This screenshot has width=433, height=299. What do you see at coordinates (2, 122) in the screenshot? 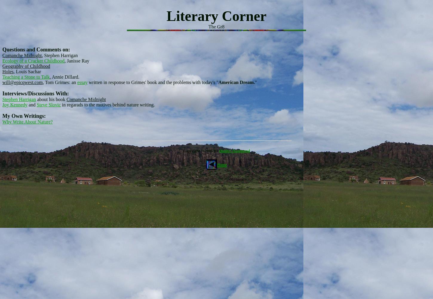
I see `'Why Write About Nature?'` at bounding box center [2, 122].